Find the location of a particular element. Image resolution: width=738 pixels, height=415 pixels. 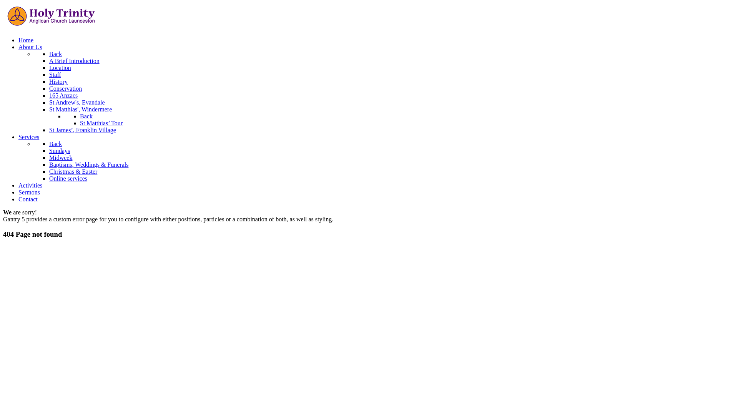

'Midweek' is located at coordinates (60, 157).